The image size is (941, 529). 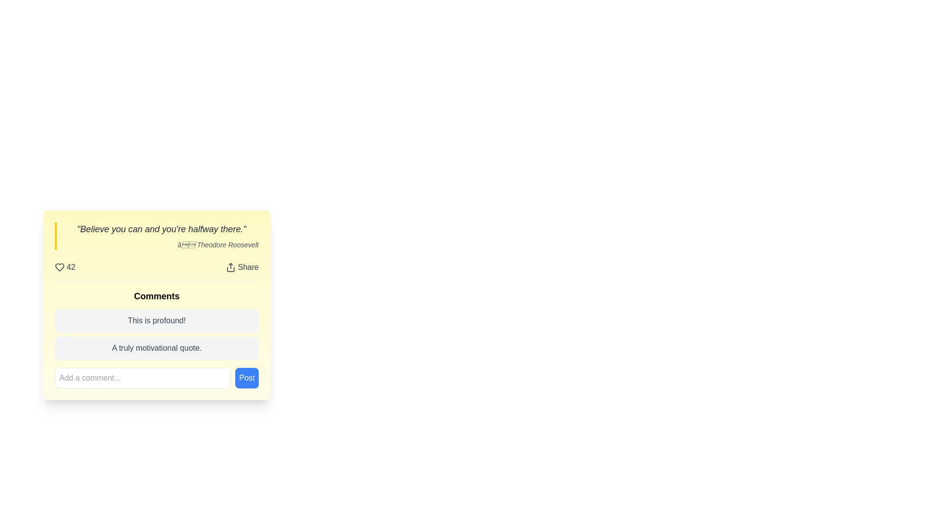 I want to click on the Text heading that indicates the section for user comments, positioned centrally above the comments and input box, so click(x=157, y=296).